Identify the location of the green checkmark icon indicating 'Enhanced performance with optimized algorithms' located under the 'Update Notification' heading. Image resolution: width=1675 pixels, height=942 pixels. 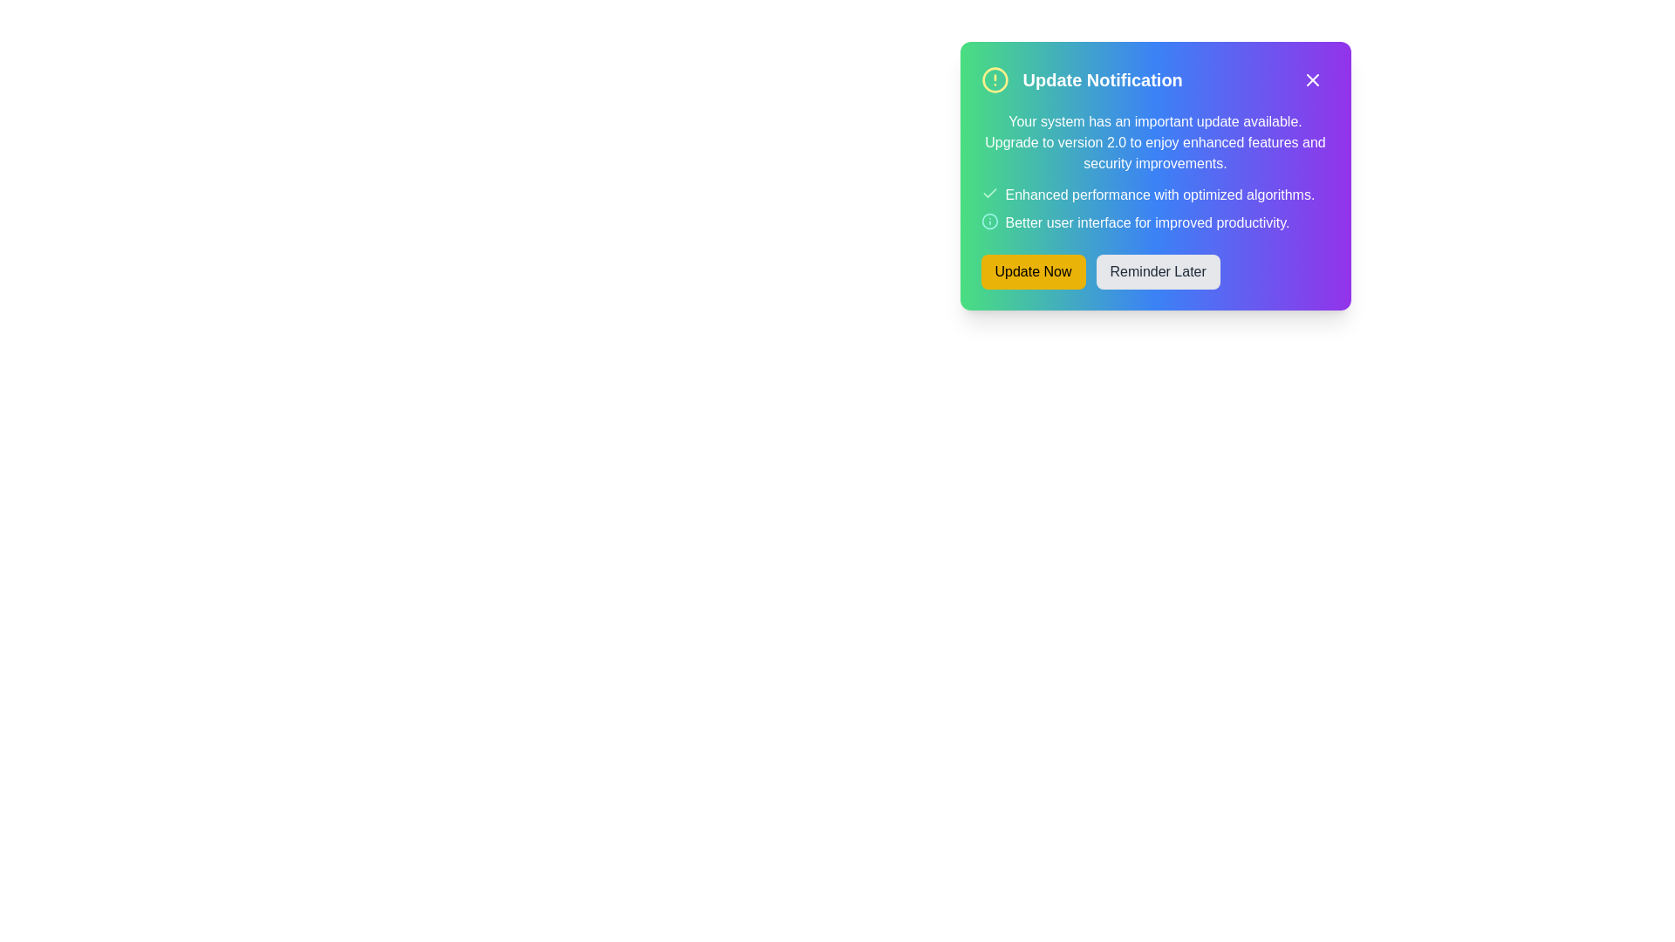
(989, 194).